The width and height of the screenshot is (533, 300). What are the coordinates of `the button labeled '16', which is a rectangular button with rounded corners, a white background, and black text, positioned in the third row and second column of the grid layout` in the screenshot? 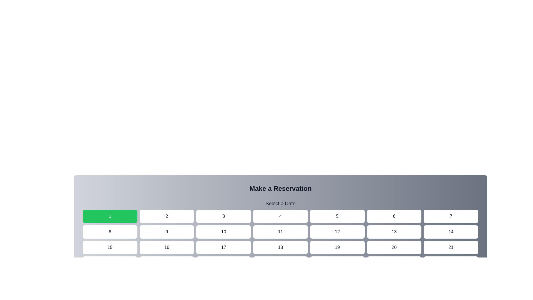 It's located at (167, 247).